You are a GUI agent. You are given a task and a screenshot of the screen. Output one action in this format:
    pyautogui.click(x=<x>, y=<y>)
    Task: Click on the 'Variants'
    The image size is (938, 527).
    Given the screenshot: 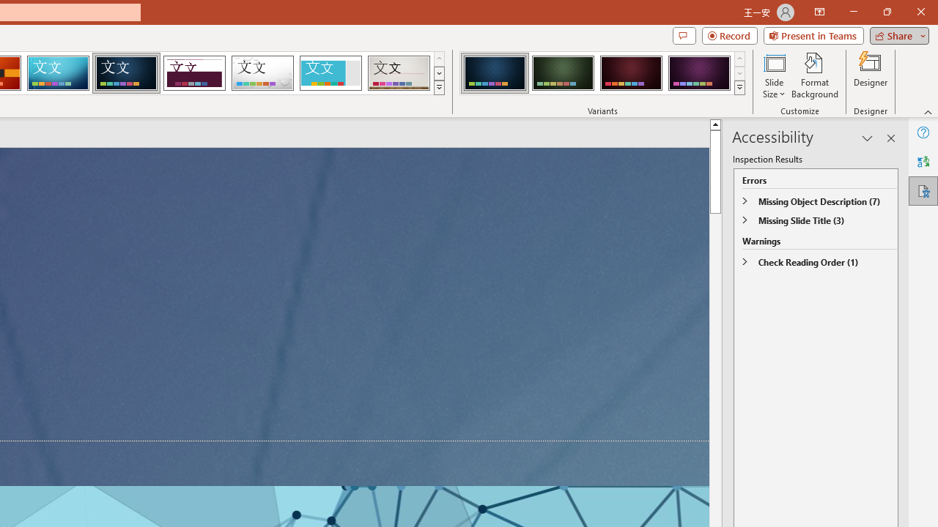 What is the action you would take?
    pyautogui.click(x=739, y=88)
    